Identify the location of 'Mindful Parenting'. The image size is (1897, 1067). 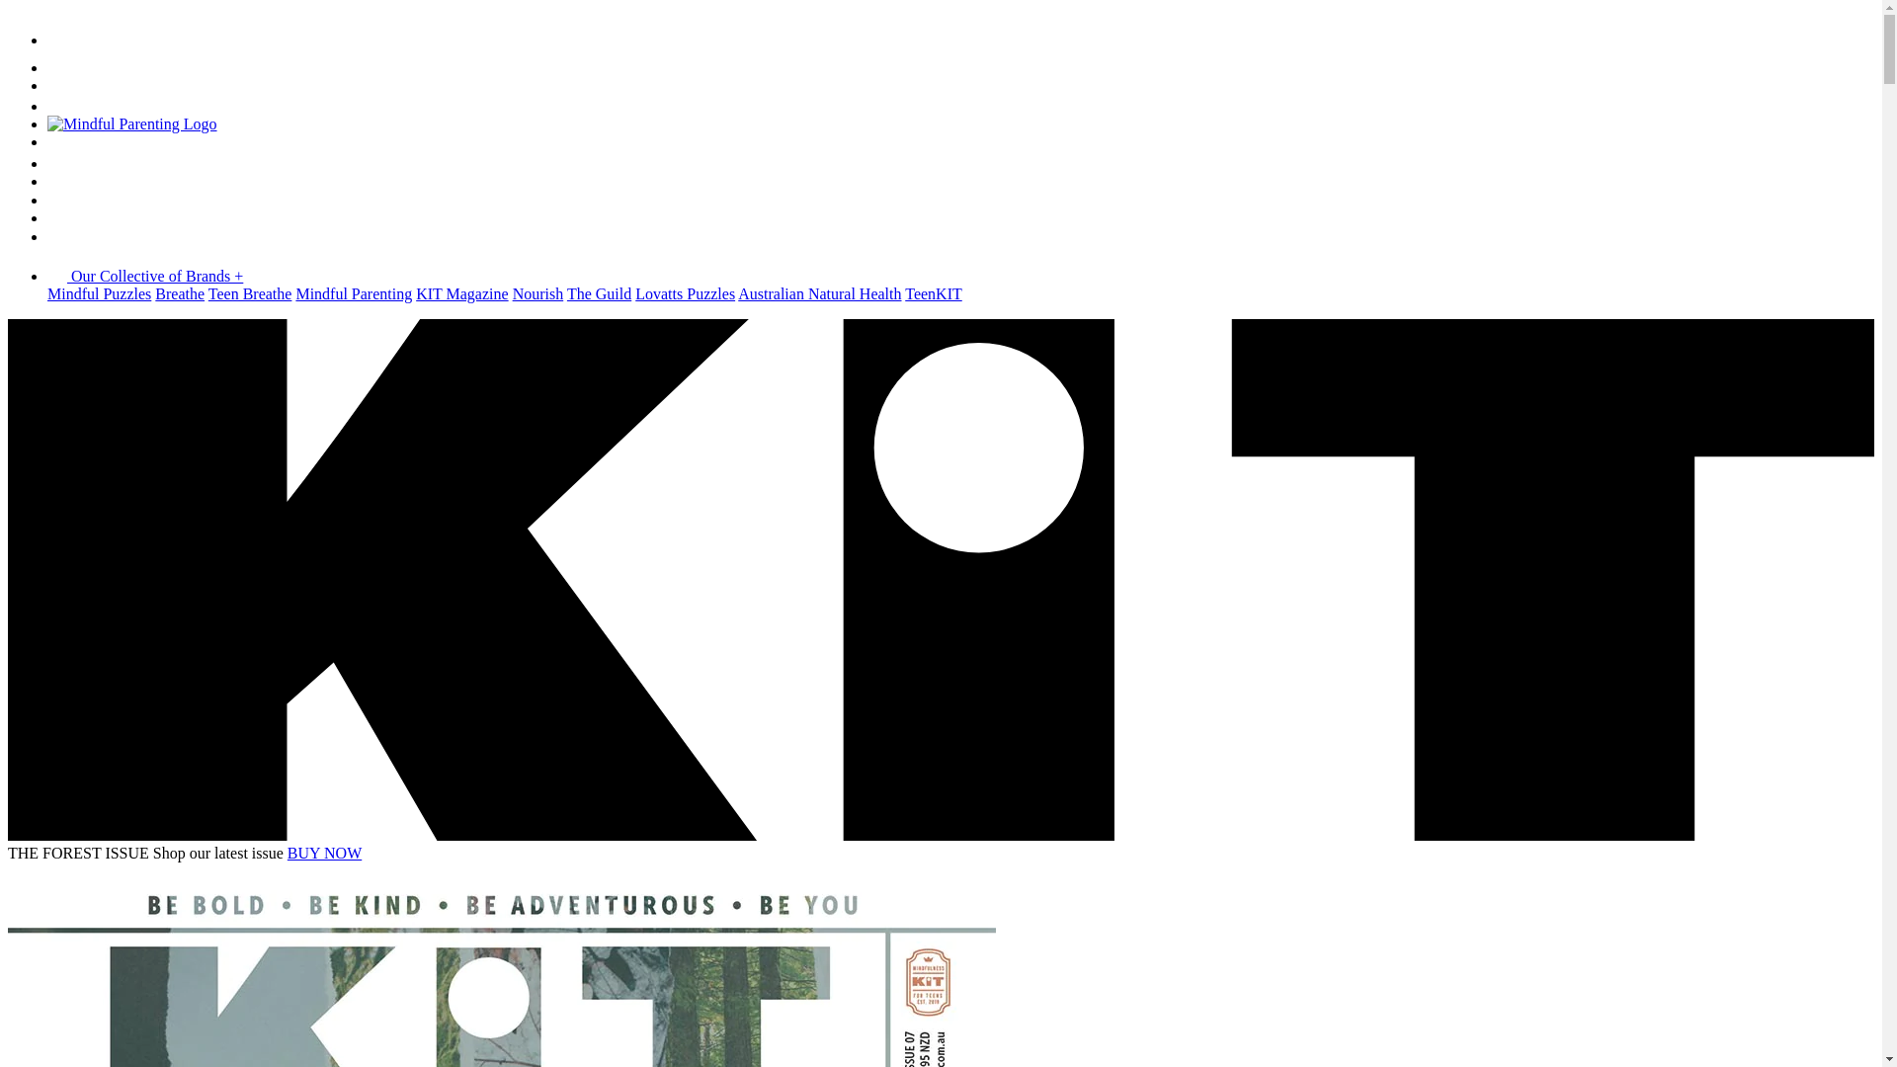
(354, 293).